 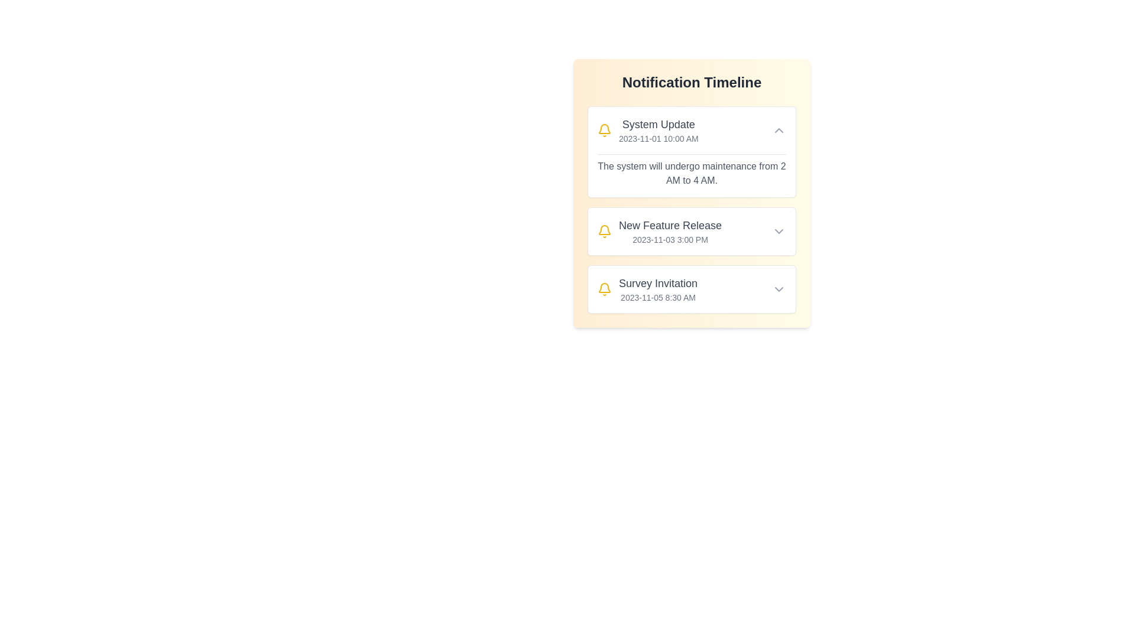 What do you see at coordinates (692, 130) in the screenshot?
I see `the first notification entry in the 'Notification Timeline' list that displays a 'System Update' scheduled for '2023-11-01 10:00 AM.'` at bounding box center [692, 130].